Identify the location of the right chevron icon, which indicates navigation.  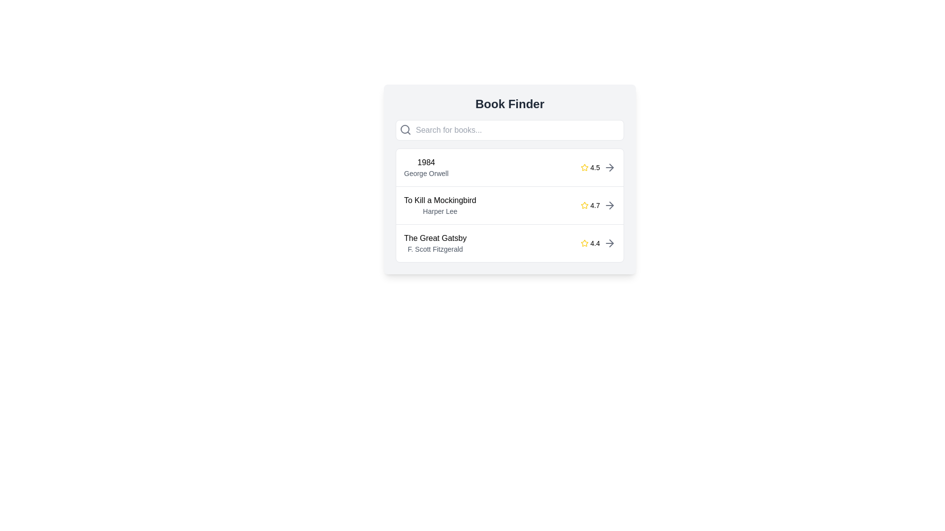
(611, 243).